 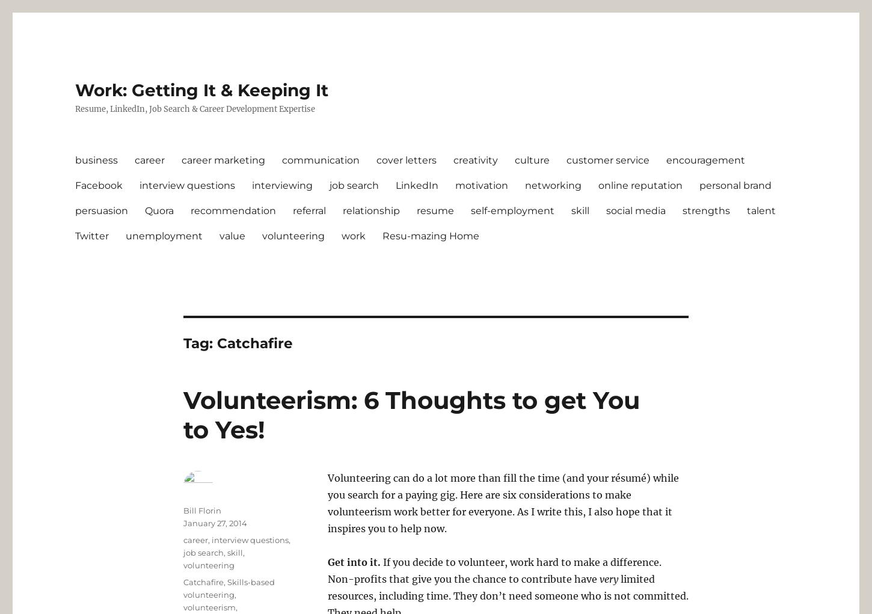 I want to click on 'Twitter', so click(x=91, y=235).